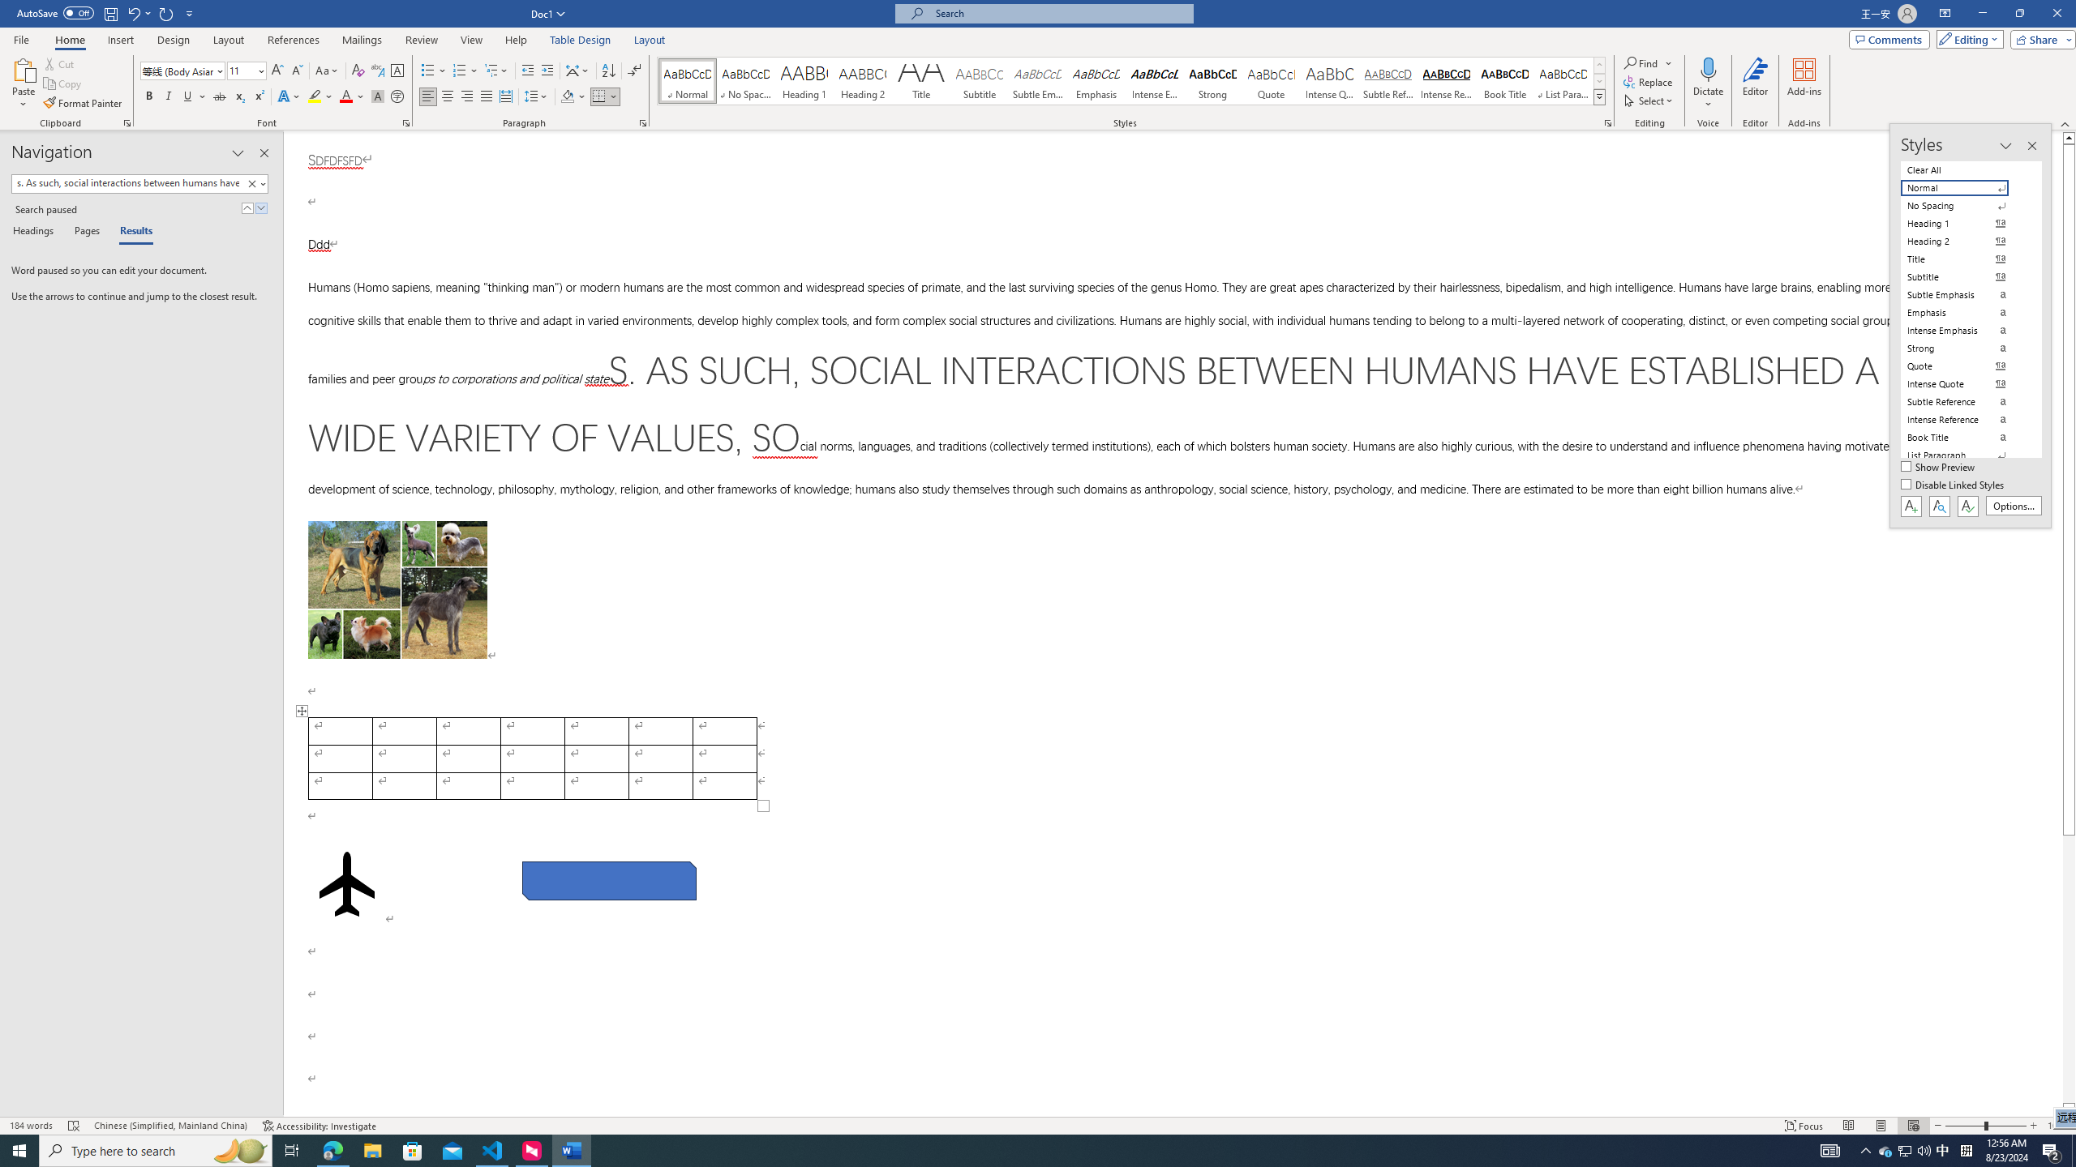  Describe the element at coordinates (132, 12) in the screenshot. I see `'Undo Style'` at that location.